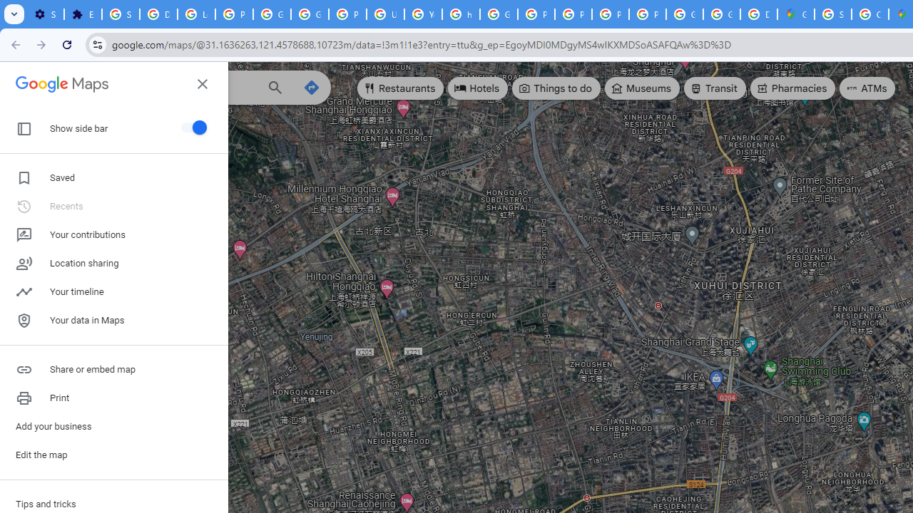 The width and height of the screenshot is (913, 513). What do you see at coordinates (114, 504) in the screenshot?
I see `'Tips and tricks'` at bounding box center [114, 504].